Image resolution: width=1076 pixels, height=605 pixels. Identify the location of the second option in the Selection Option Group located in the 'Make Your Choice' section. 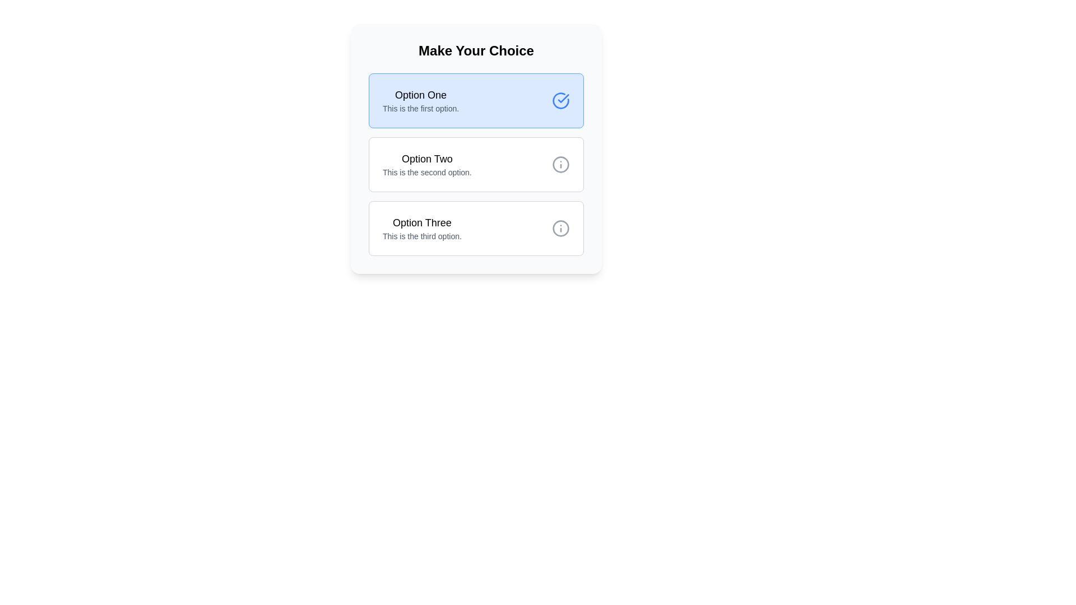
(476, 164).